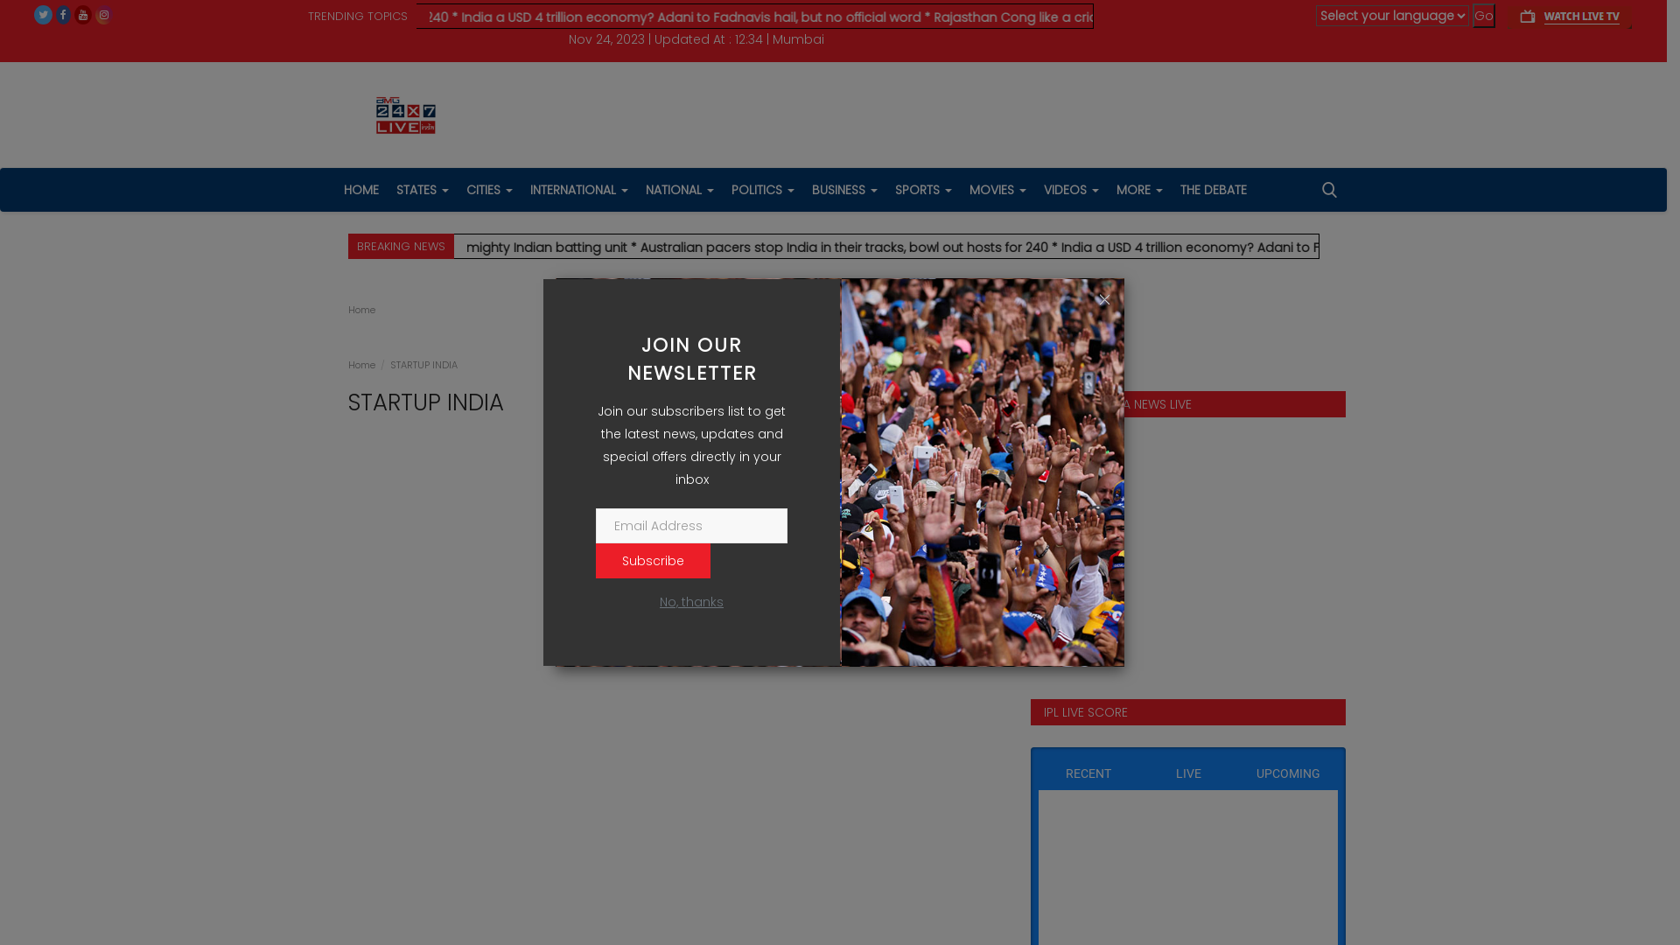 The width and height of the screenshot is (1680, 945). What do you see at coordinates (679, 189) in the screenshot?
I see `'NATIONAL'` at bounding box center [679, 189].